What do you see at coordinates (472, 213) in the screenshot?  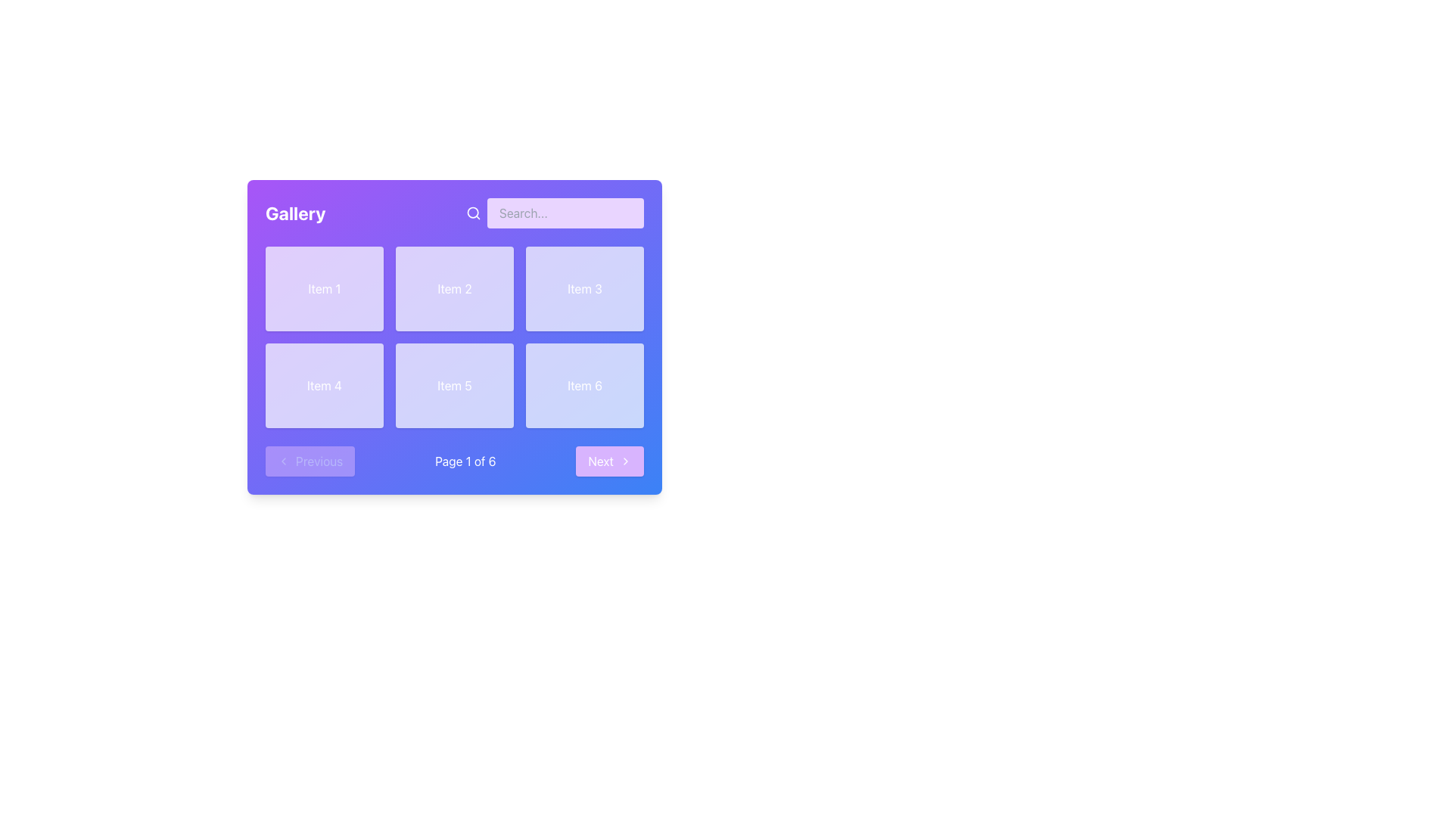 I see `the small circular magnifying glass icon located above the search bar in the Gallery section` at bounding box center [472, 213].